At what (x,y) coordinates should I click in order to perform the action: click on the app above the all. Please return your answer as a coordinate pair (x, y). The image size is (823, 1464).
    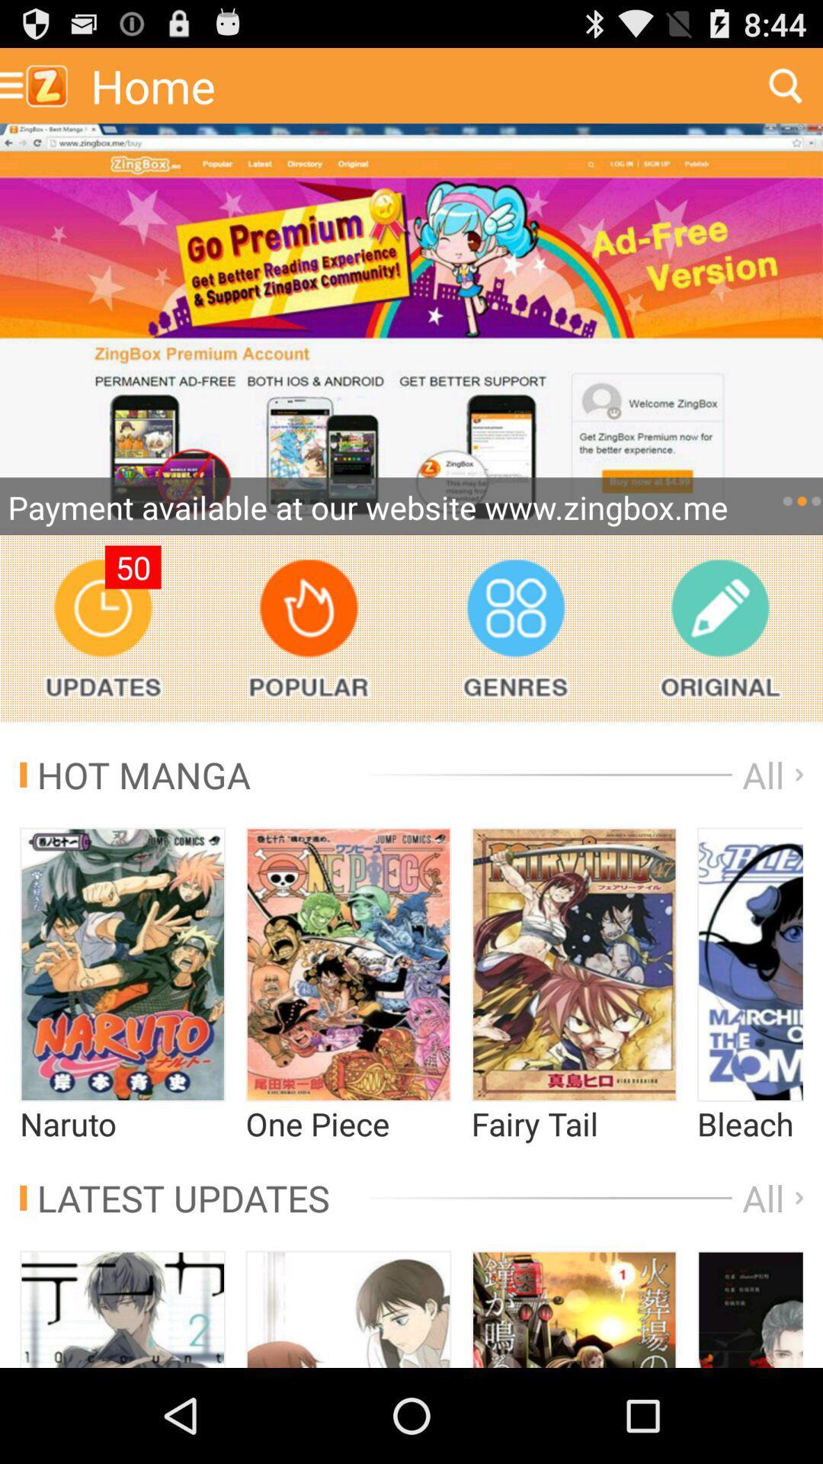
    Looking at the image, I should click on (720, 628).